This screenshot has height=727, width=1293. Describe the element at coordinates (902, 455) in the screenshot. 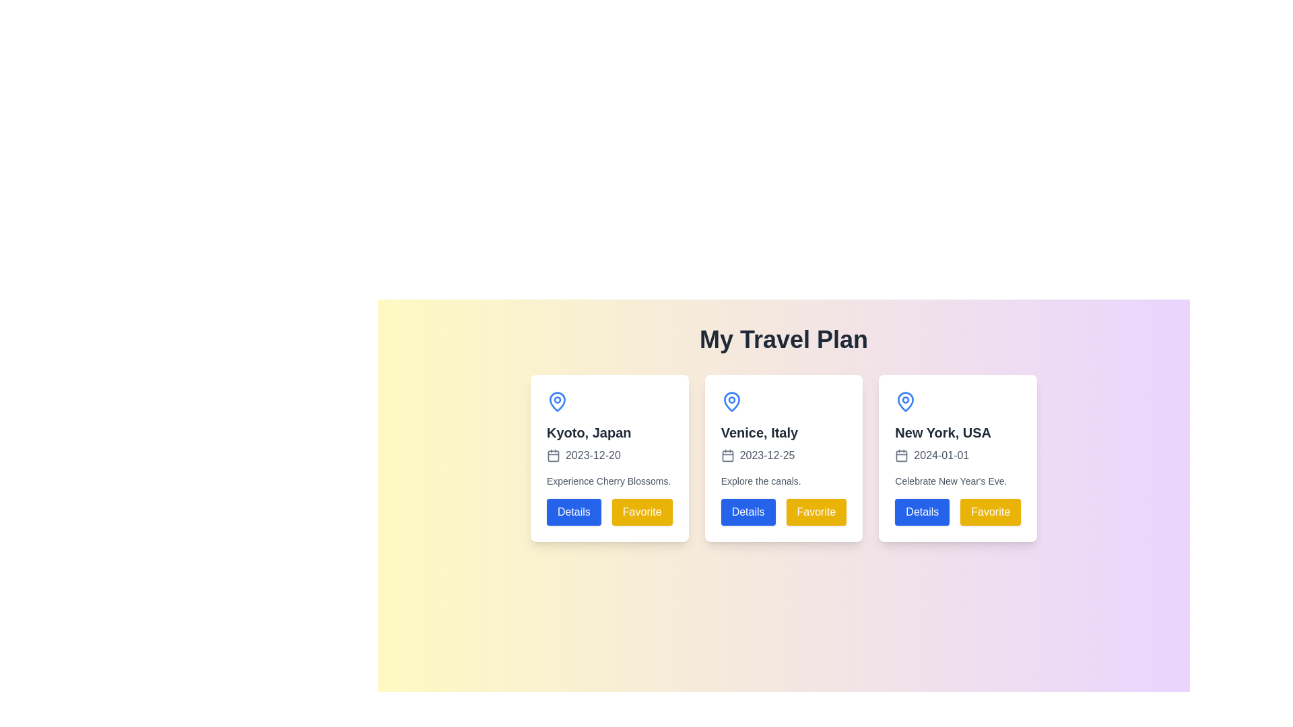

I see `the calendar graphic element representing the date in the travel plan for 'New York, USA'` at that location.